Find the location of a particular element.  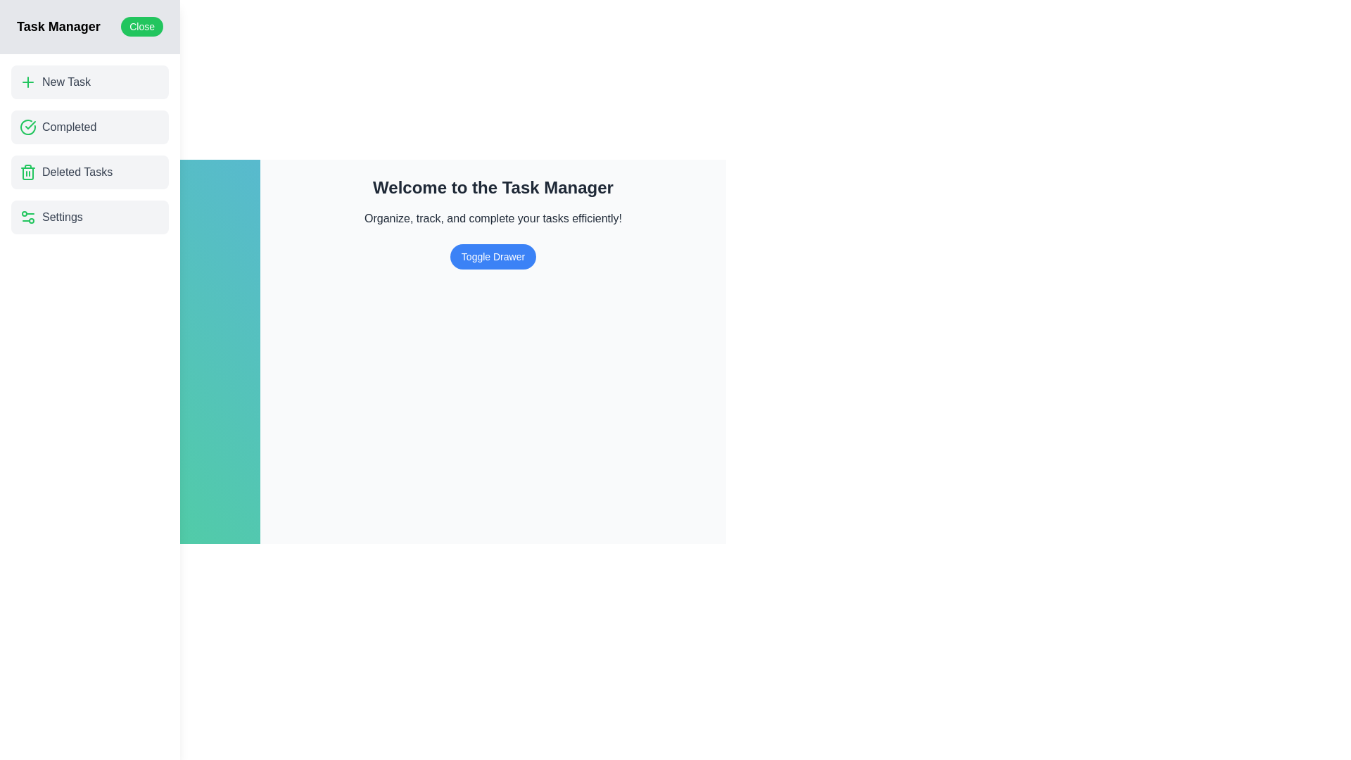

the item Completed from the drawer menu is located at coordinates (89, 127).